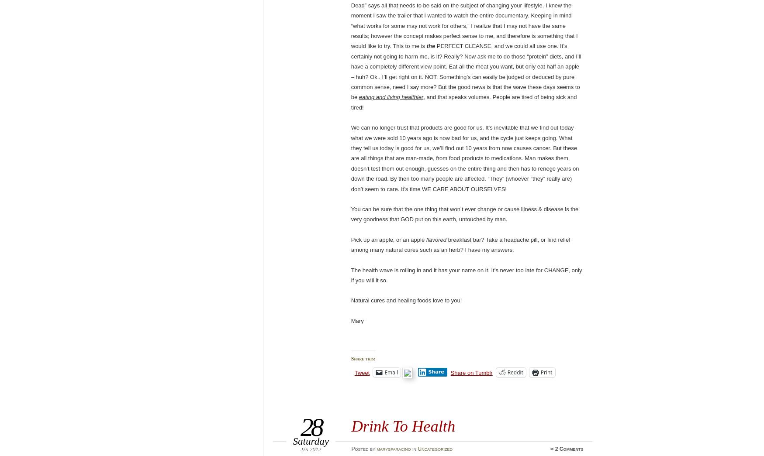 The width and height of the screenshot is (764, 456). I want to click on 'Drink To Health', so click(403, 425).